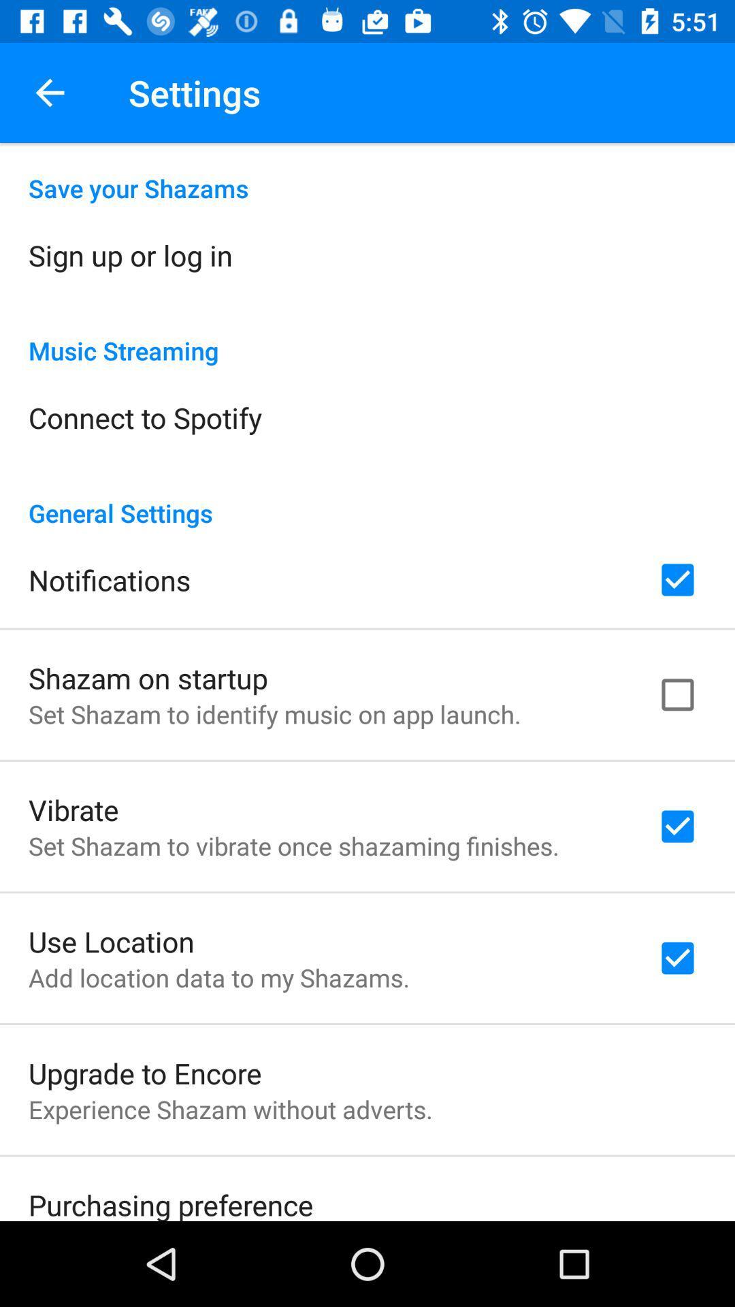 The width and height of the screenshot is (735, 1307). Describe the element at coordinates (230, 1109) in the screenshot. I see `the icon above purchasing preference item` at that location.